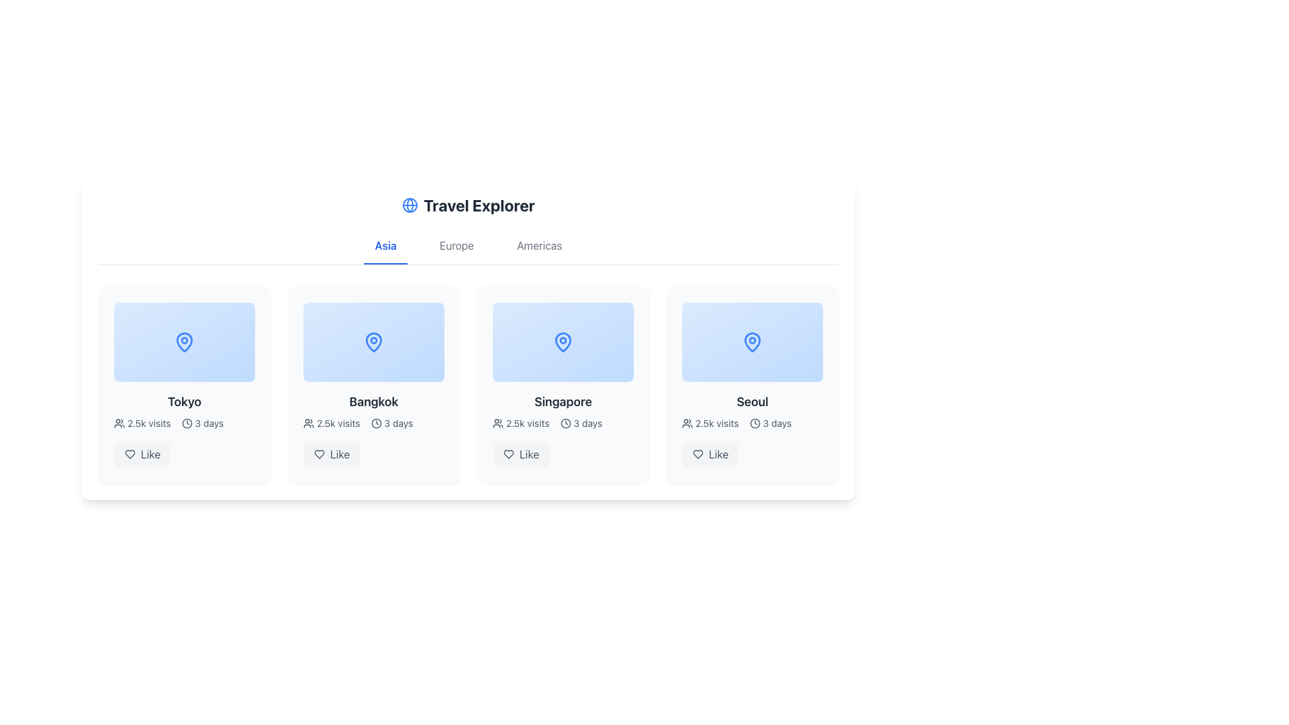 Image resolution: width=1289 pixels, height=725 pixels. I want to click on decorative line indicator located at the bottom edge of the 'Asia' navigation tab for its styling properties, so click(385, 264).